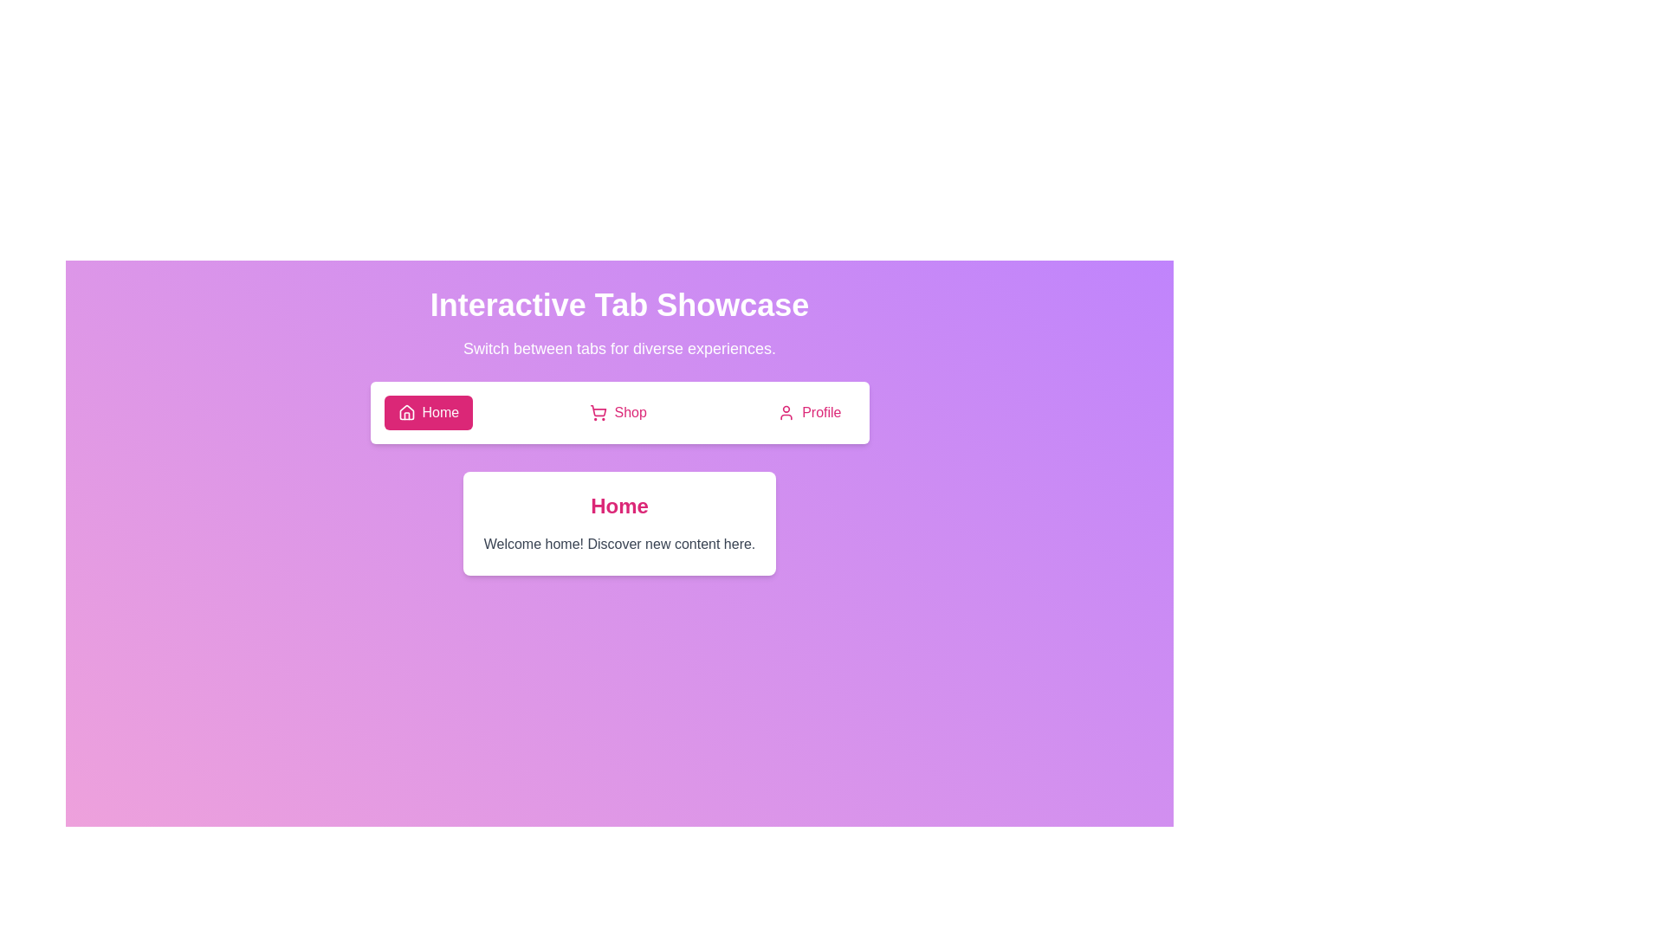  What do you see at coordinates (808, 413) in the screenshot?
I see `the Profile tab to display its description` at bounding box center [808, 413].